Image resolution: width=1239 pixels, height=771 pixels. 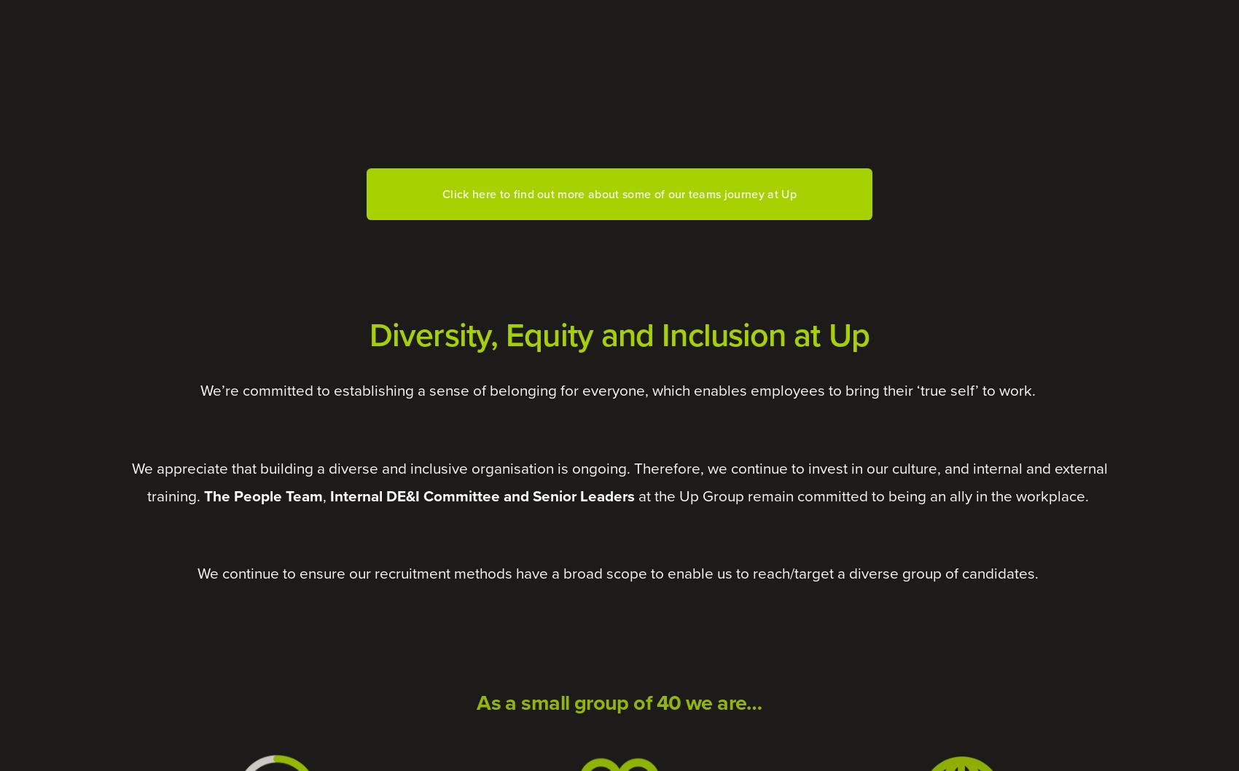 I want to click on 'and Senior Leaders', so click(x=567, y=494).